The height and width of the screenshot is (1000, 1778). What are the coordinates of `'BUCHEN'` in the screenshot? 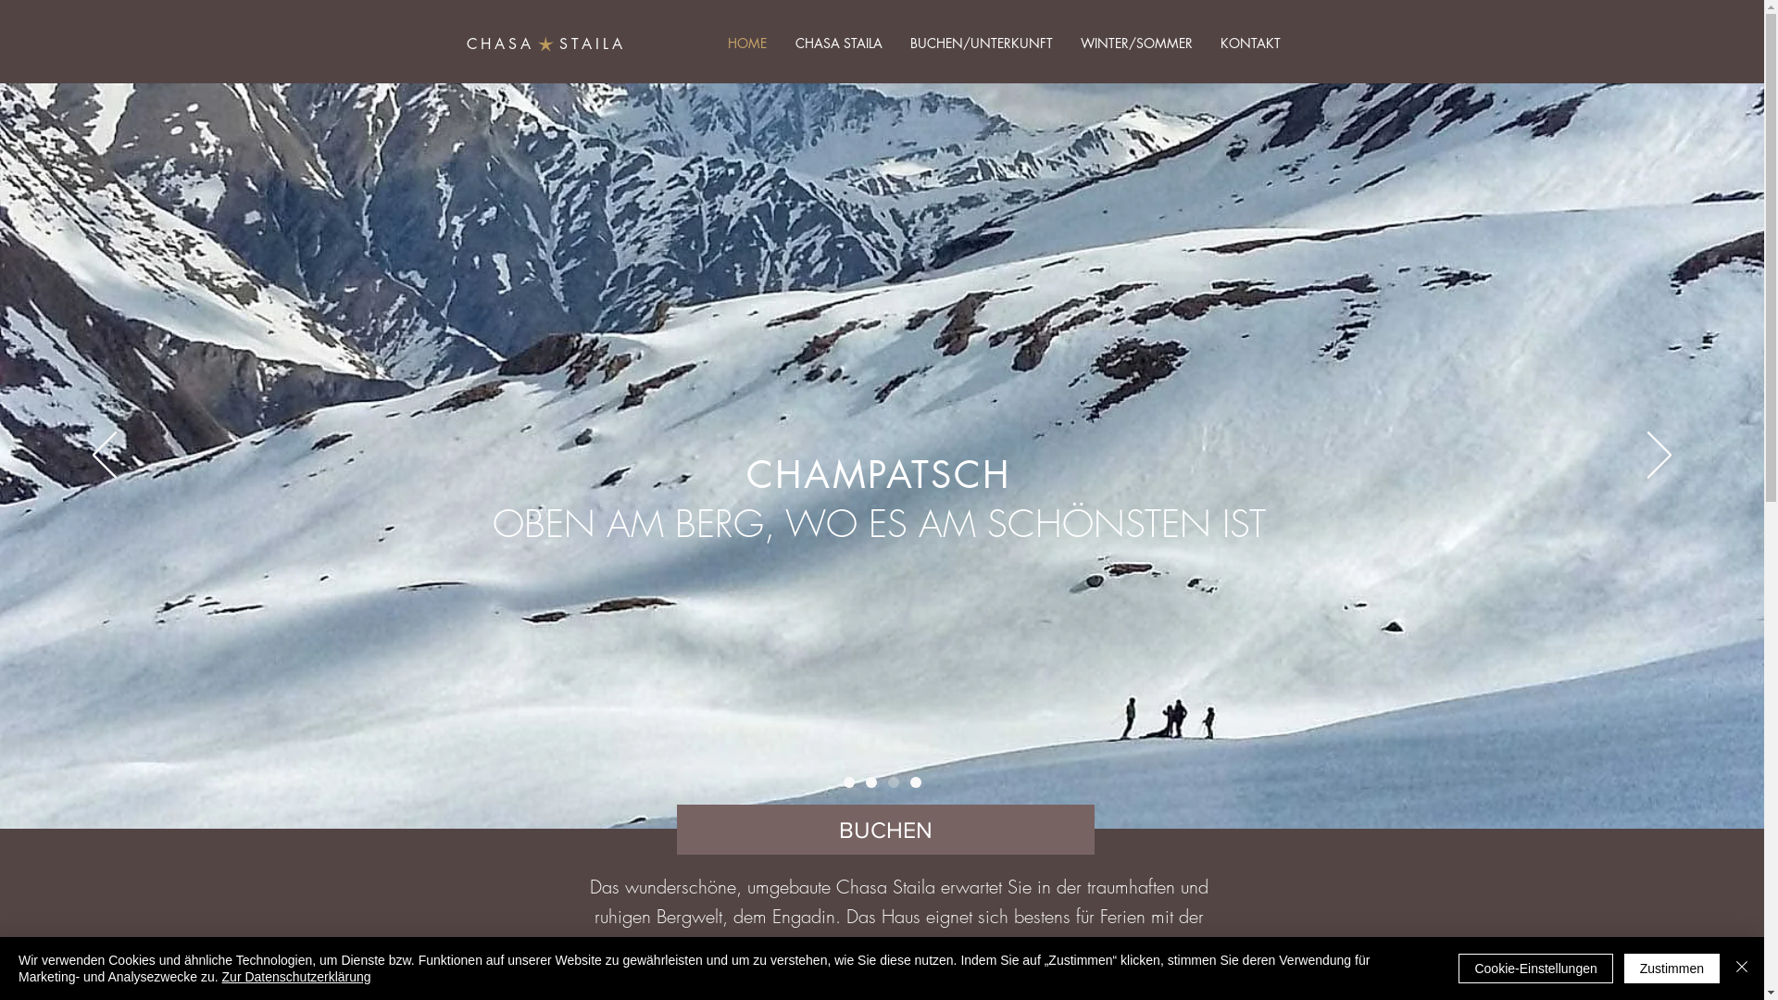 It's located at (883, 828).